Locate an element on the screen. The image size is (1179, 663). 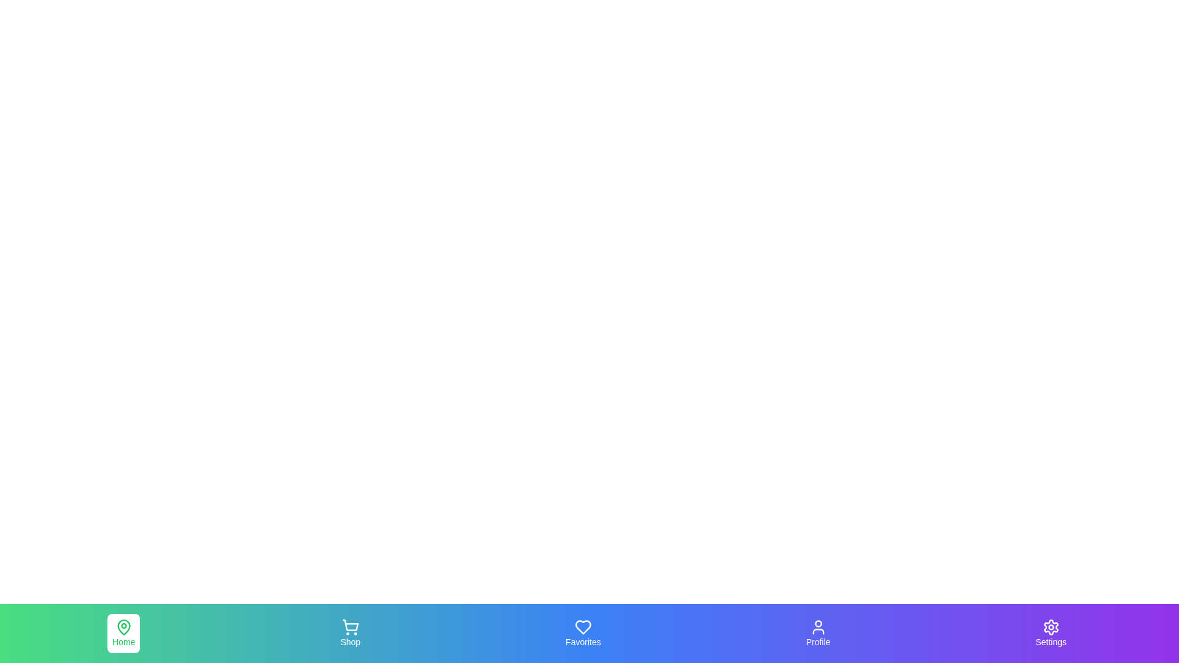
the tab icon for Home for visual inspection is located at coordinates (123, 634).